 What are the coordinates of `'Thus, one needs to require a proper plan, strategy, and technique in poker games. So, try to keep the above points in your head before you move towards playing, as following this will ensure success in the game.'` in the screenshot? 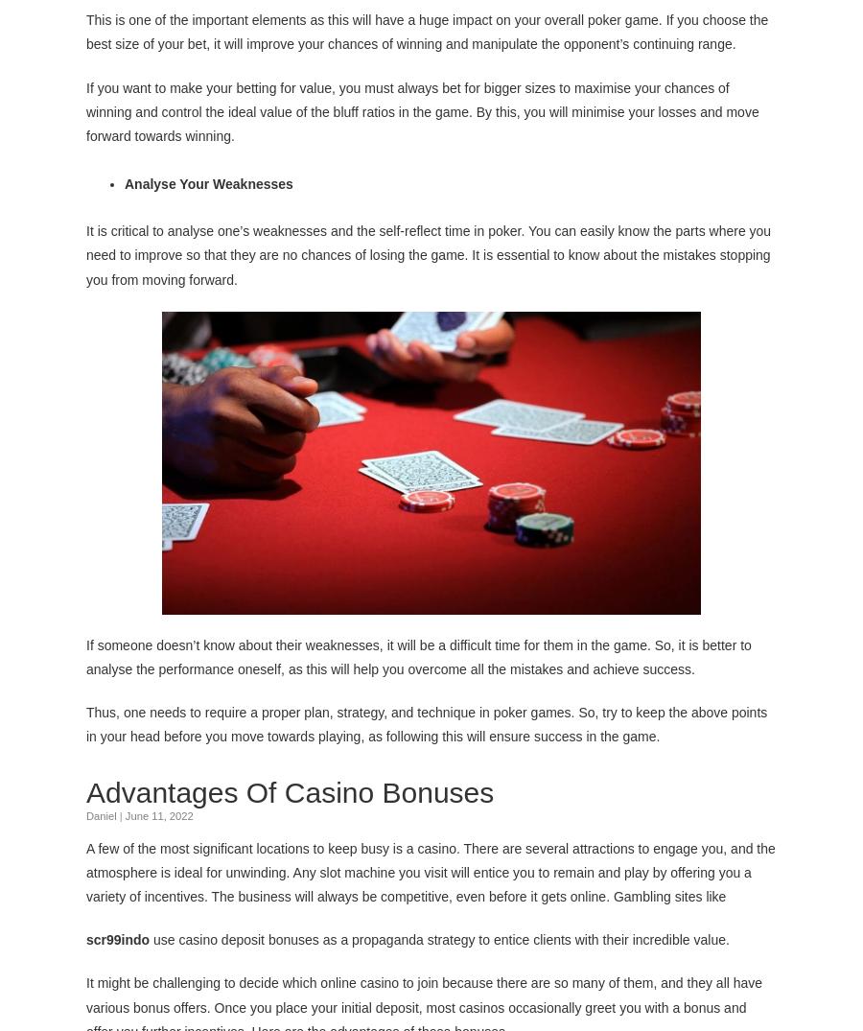 It's located at (426, 723).